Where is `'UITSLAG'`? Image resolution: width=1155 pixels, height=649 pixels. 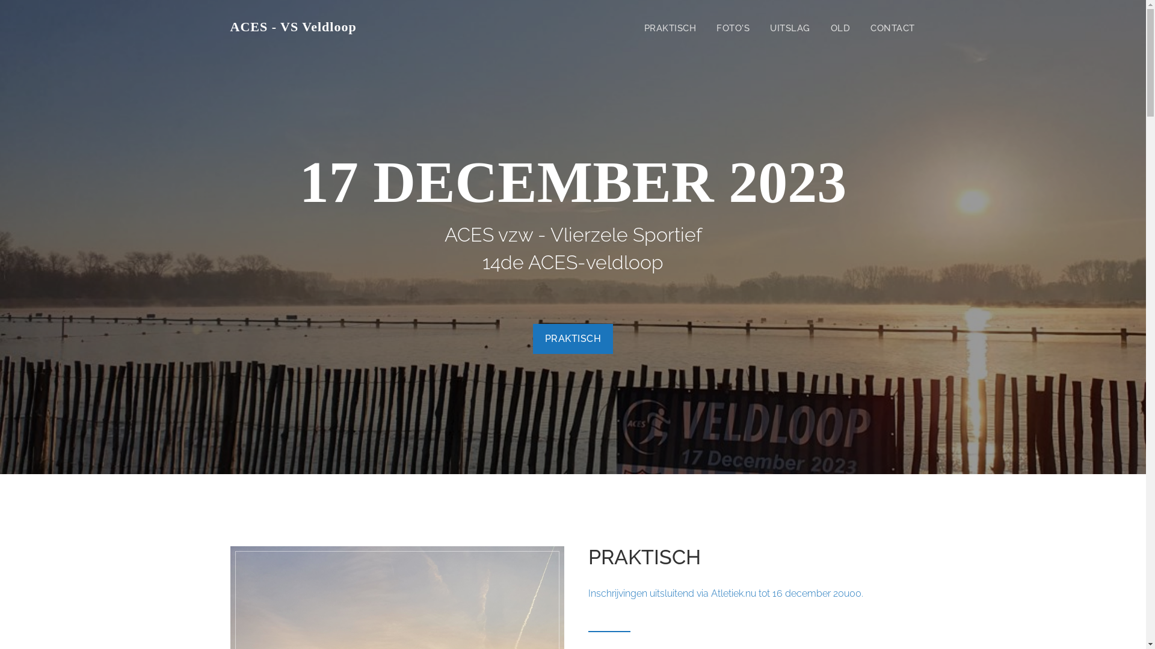 'UITSLAG' is located at coordinates (790, 27).